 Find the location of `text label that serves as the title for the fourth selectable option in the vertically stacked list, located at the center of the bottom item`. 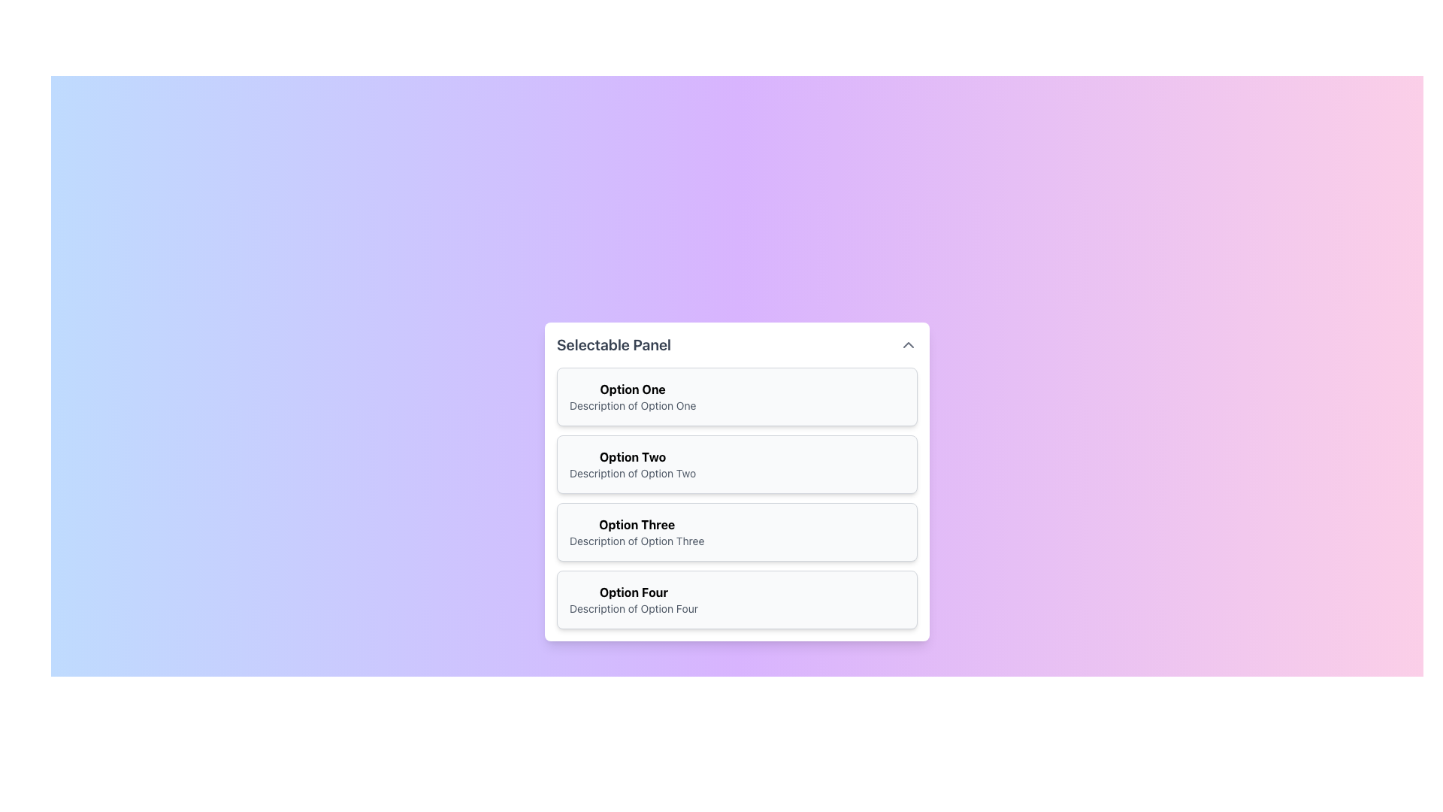

text label that serves as the title for the fourth selectable option in the vertically stacked list, located at the center of the bottom item is located at coordinates (634, 591).